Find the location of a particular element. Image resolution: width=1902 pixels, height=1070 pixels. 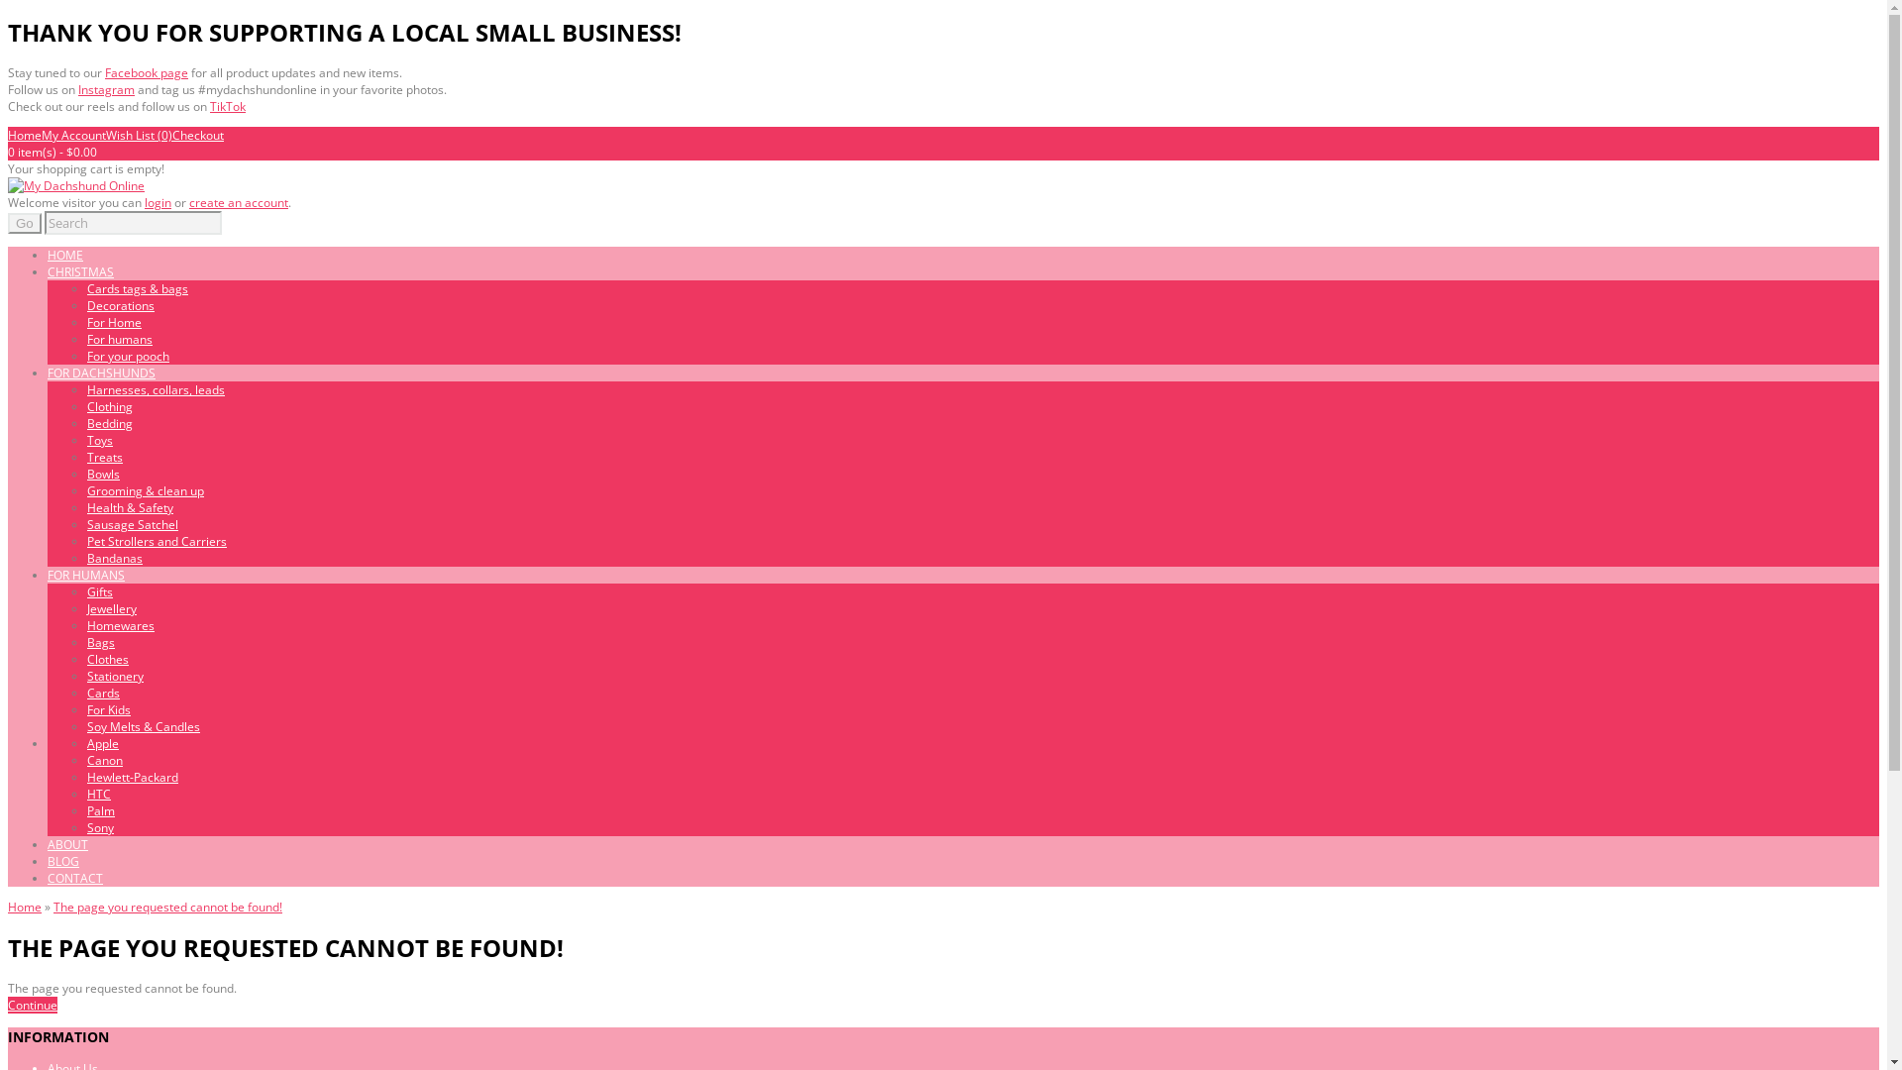

'TikTok' is located at coordinates (228, 106).